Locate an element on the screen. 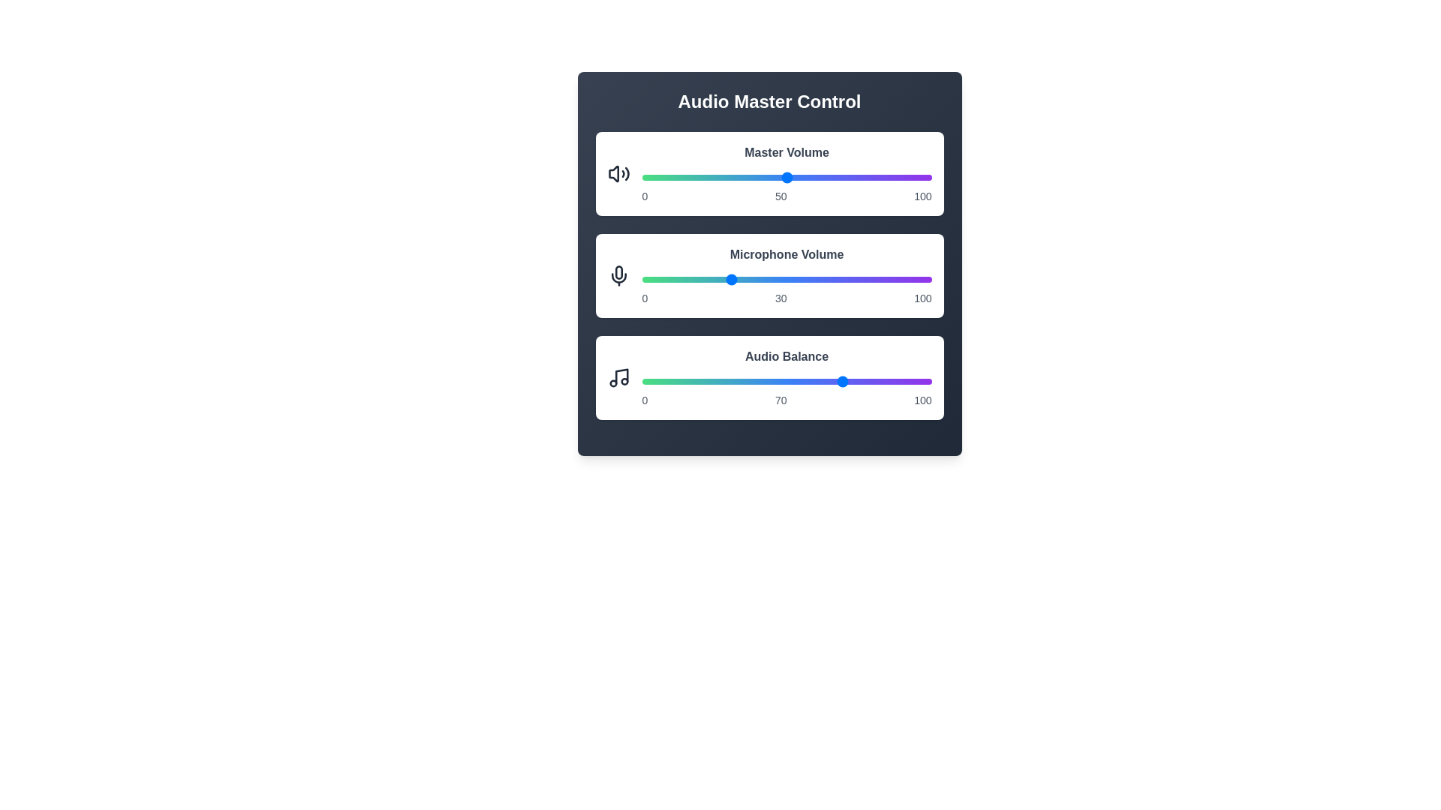 This screenshot has width=1441, height=810. the microphone volume slider to 31% is located at coordinates (732, 280).